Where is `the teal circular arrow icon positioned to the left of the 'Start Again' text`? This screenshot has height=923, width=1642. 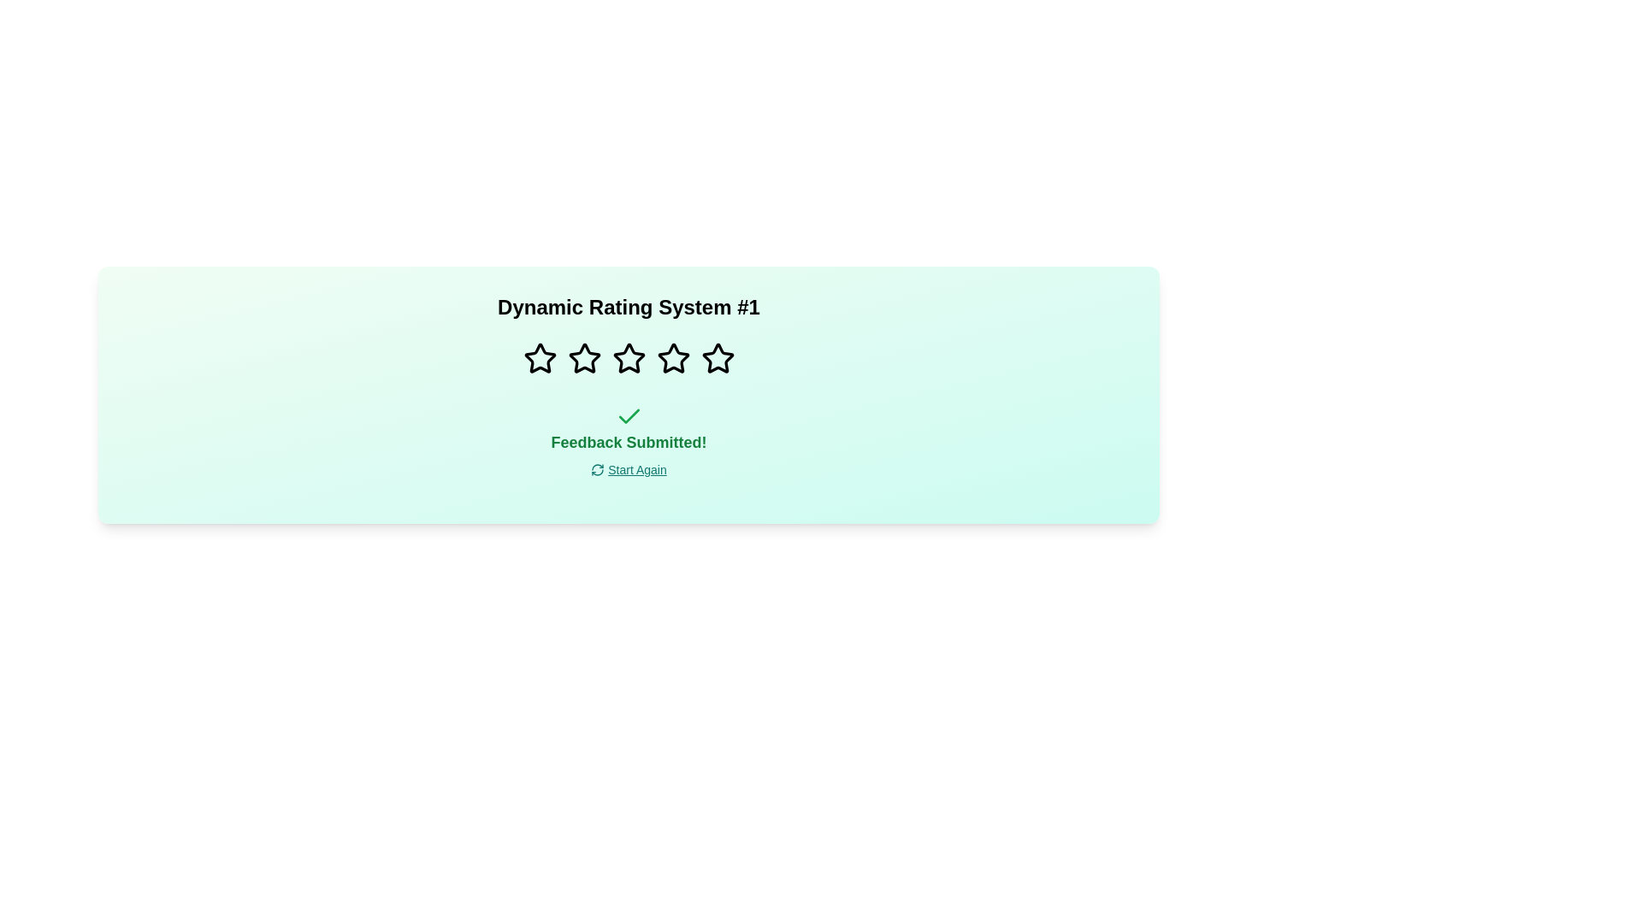
the teal circular arrow icon positioned to the left of the 'Start Again' text is located at coordinates (598, 470).